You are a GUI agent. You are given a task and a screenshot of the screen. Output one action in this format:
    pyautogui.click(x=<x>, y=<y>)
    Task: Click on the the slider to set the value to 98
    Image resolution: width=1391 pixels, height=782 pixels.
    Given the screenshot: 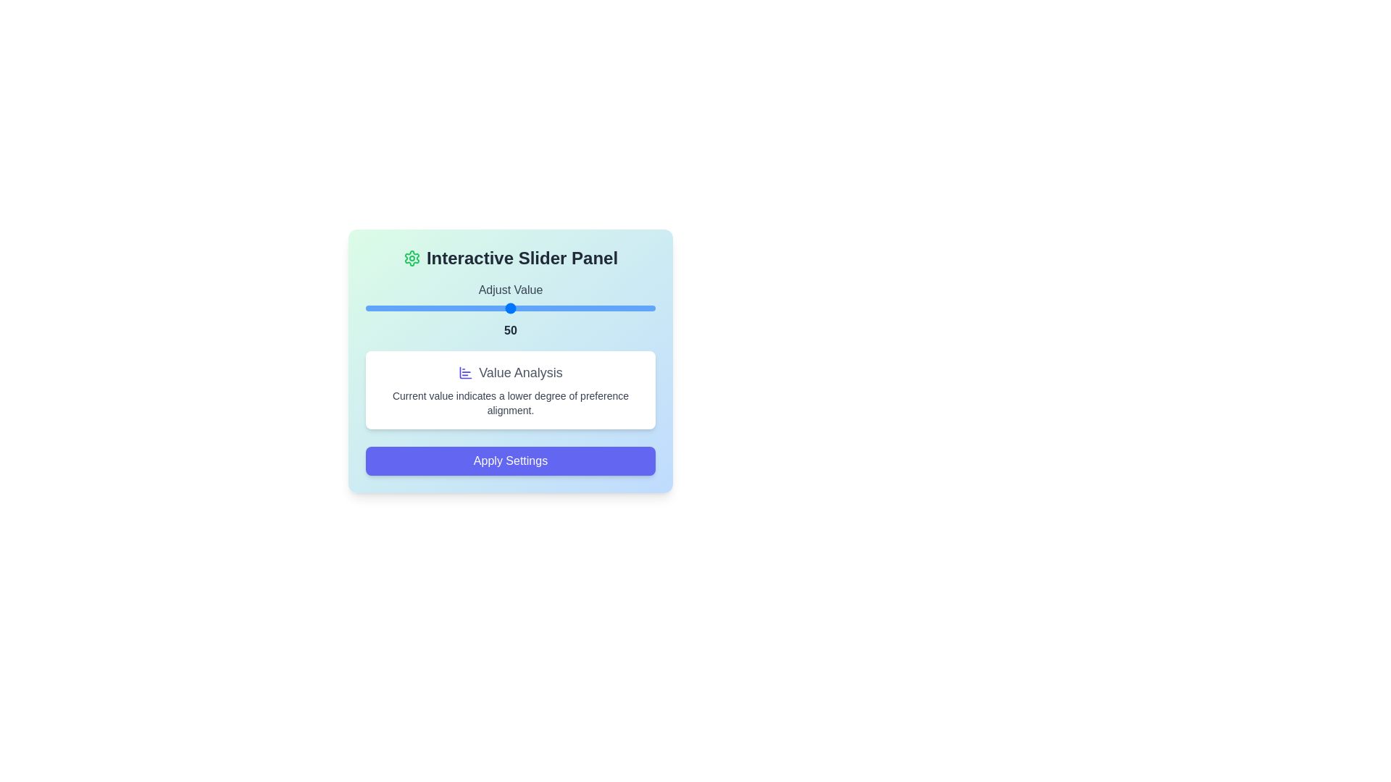 What is the action you would take?
    pyautogui.click(x=649, y=307)
    